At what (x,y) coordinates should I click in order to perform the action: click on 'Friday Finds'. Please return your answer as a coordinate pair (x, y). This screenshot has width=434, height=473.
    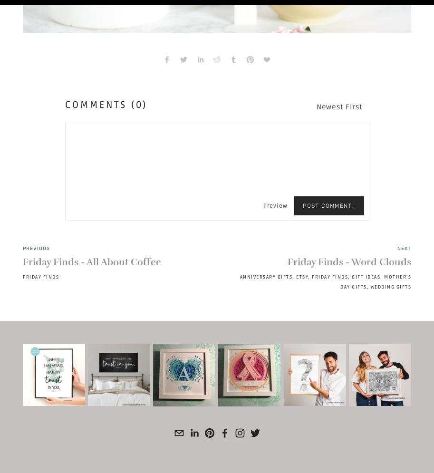
    Looking at the image, I should click on (41, 276).